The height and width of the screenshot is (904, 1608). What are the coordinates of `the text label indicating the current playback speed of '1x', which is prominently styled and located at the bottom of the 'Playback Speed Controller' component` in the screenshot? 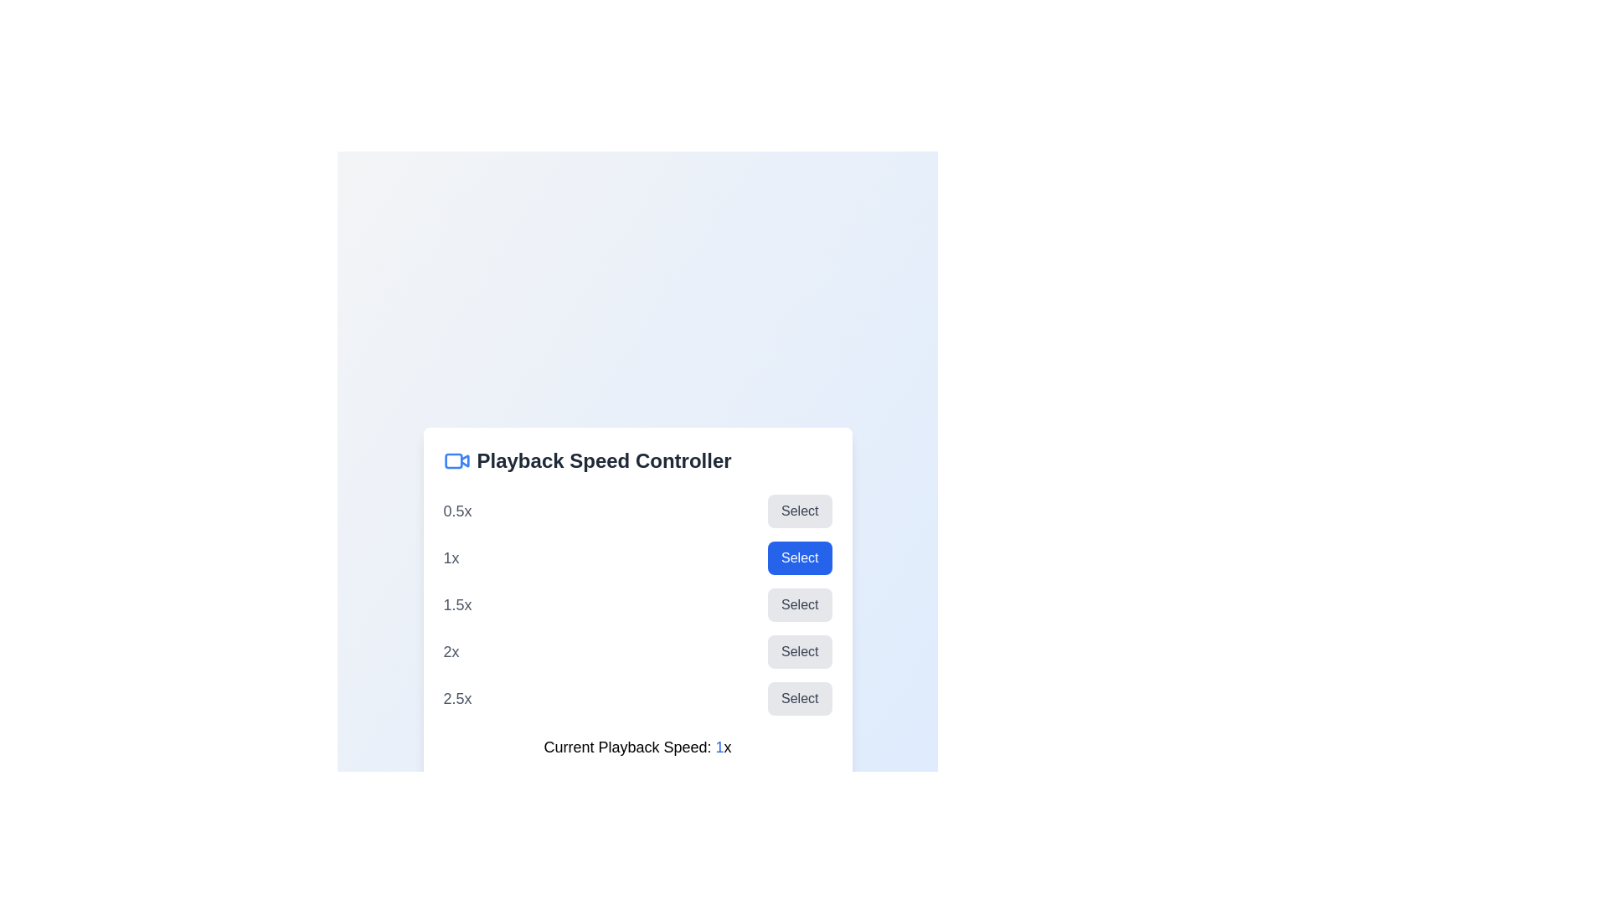 It's located at (636, 747).